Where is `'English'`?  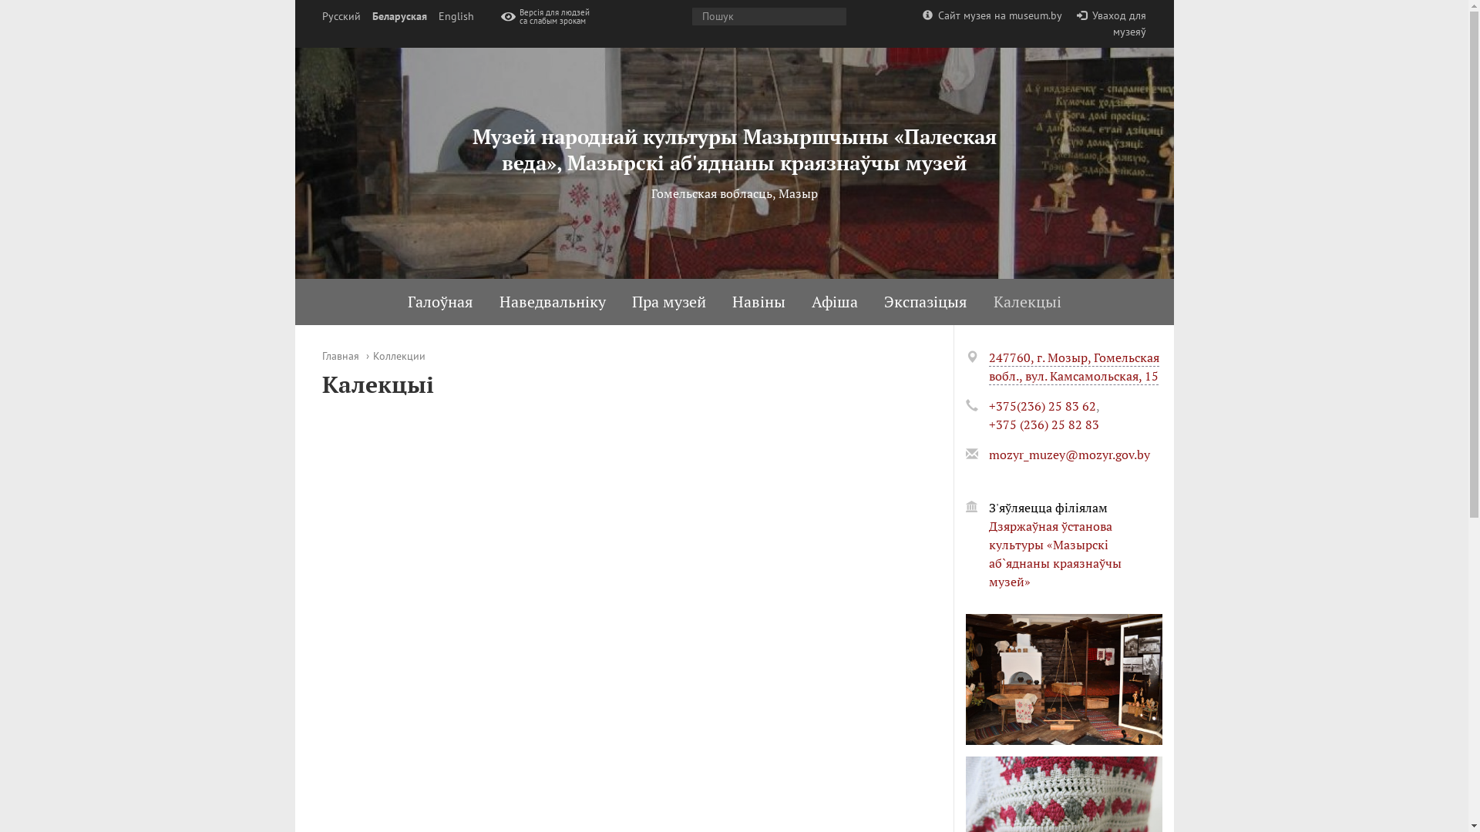
'English' is located at coordinates (454, 16).